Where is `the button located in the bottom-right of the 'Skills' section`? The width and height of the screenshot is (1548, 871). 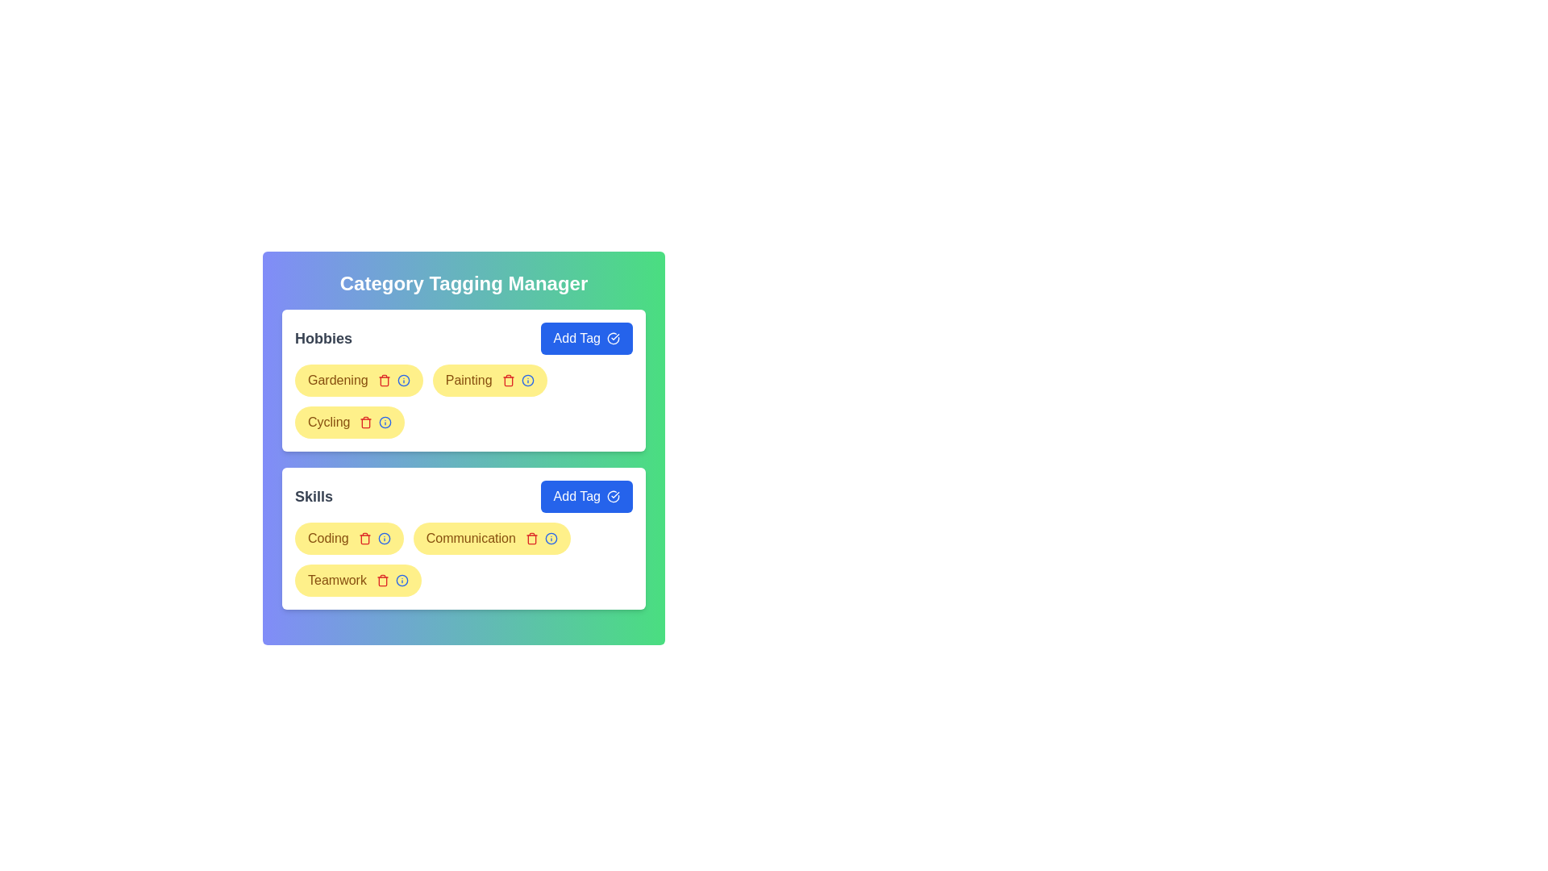 the button located in the bottom-right of the 'Skills' section is located at coordinates (585, 496).